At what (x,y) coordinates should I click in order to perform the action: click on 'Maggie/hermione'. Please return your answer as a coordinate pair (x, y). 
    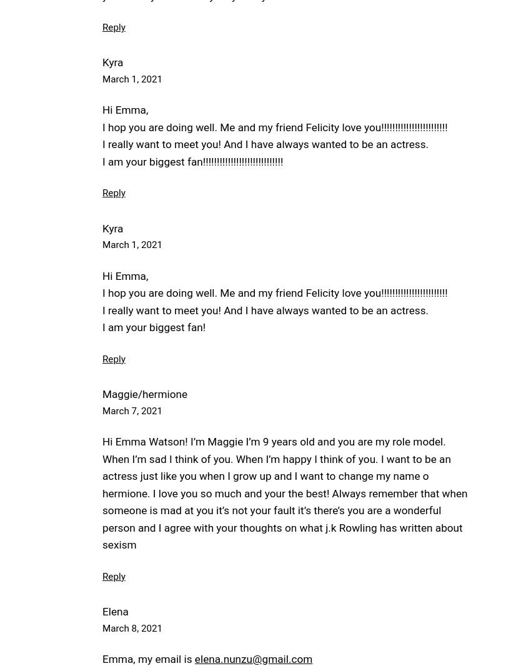
    Looking at the image, I should click on (144, 394).